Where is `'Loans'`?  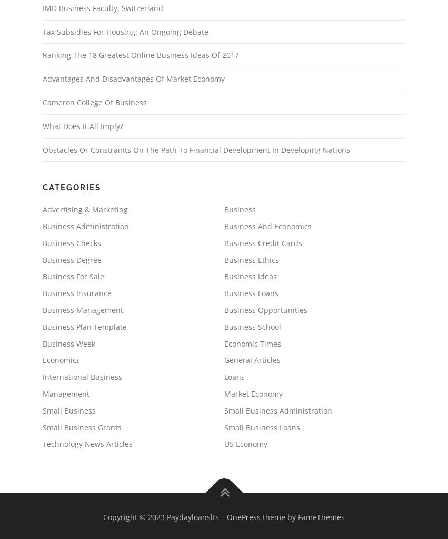 'Loans' is located at coordinates (234, 377).